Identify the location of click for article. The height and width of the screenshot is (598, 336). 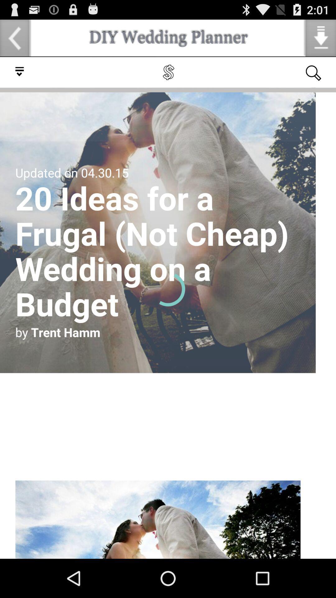
(168, 308).